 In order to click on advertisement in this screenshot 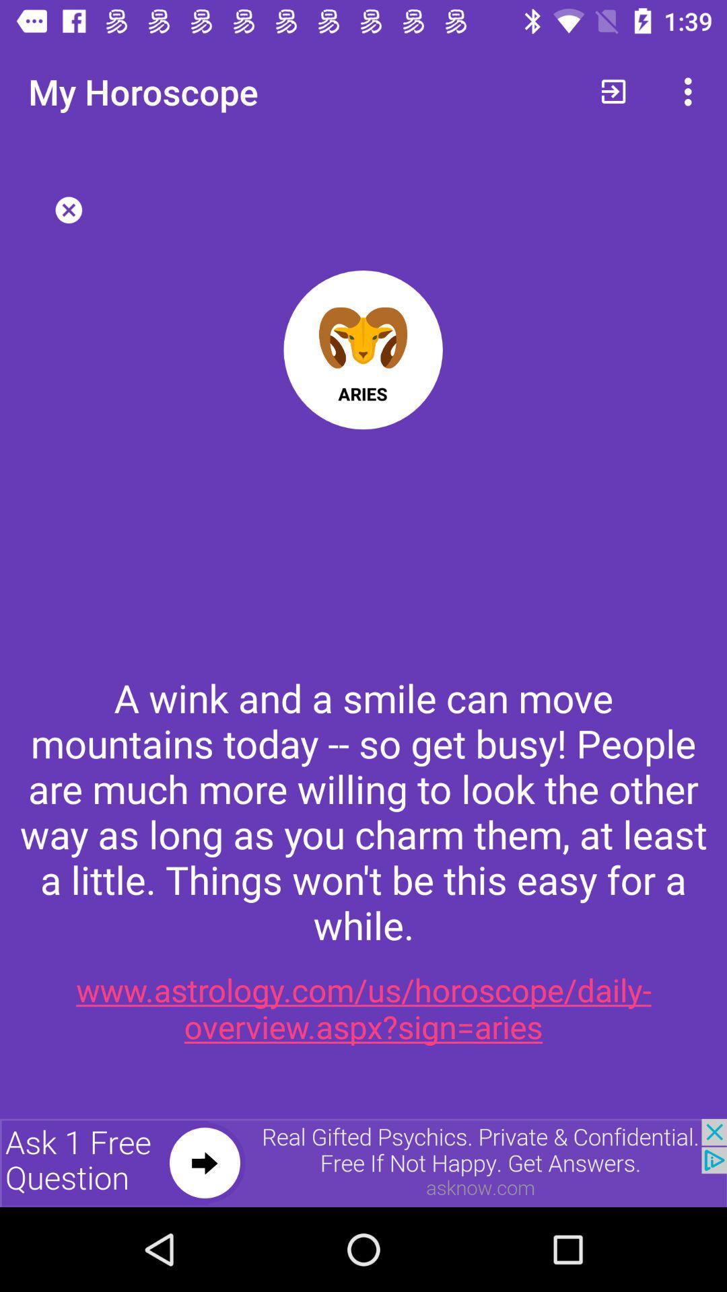, I will do `click(363, 1162)`.